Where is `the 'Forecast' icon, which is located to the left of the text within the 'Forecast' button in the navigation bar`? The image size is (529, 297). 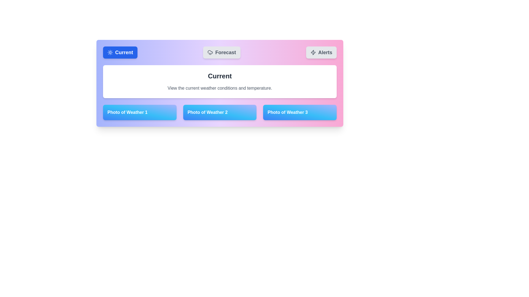 the 'Forecast' icon, which is located to the left of the text within the 'Forecast' button in the navigation bar is located at coordinates (210, 53).